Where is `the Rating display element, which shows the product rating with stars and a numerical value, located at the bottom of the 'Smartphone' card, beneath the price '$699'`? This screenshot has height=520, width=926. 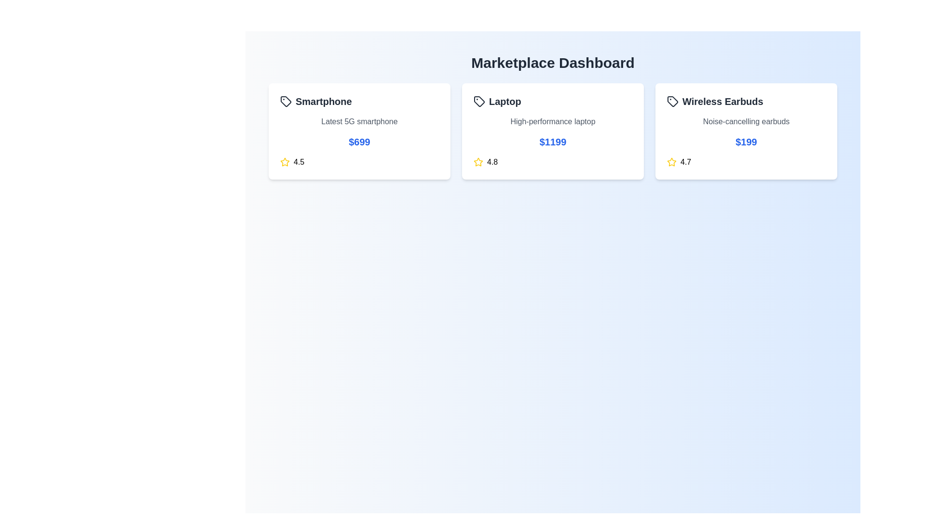
the Rating display element, which shows the product rating with stars and a numerical value, located at the bottom of the 'Smartphone' card, beneath the price '$699' is located at coordinates (359, 161).